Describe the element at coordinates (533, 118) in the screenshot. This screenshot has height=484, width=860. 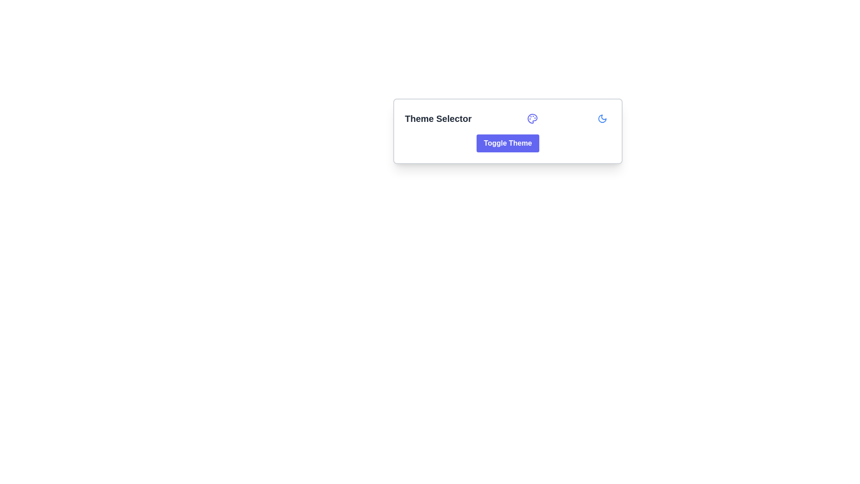
I see `the circular icon located in the center-left region of the interface, next to the 'Theme Selector' title and the 'Toggle Theme' button` at that location.